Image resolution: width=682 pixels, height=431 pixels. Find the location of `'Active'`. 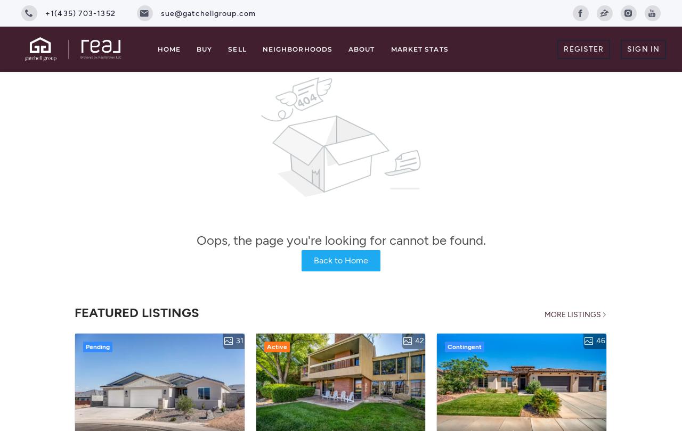

'Active' is located at coordinates (277, 345).